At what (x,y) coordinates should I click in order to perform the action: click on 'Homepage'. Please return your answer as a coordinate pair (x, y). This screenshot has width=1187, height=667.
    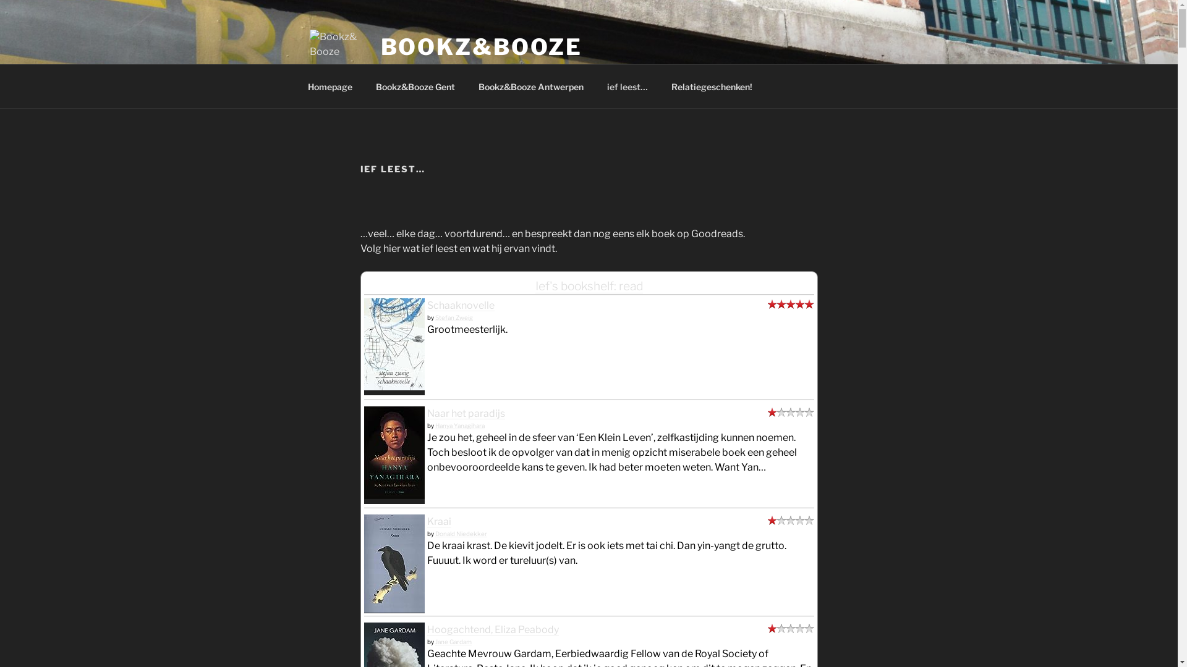
    Looking at the image, I should click on (330, 86).